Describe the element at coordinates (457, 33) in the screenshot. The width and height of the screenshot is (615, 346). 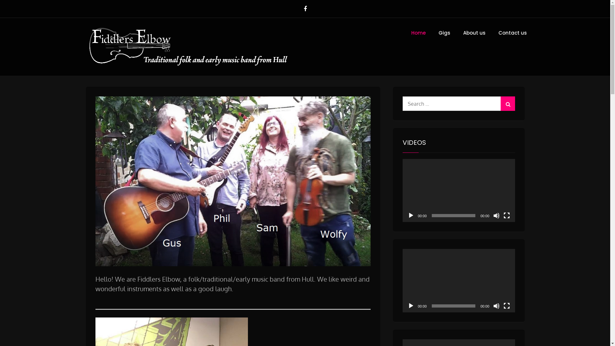
I see `'About us'` at that location.